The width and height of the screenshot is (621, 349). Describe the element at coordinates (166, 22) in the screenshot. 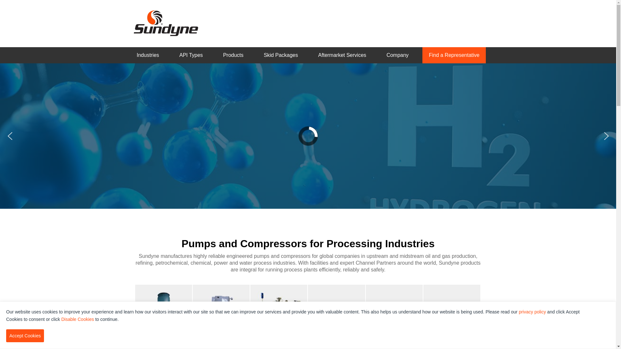

I see `'Sundyne'` at that location.